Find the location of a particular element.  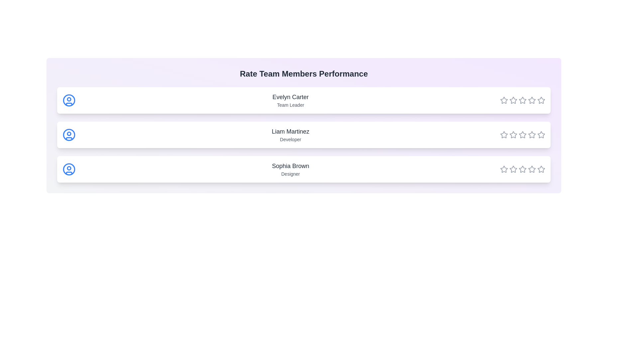

the user icon for Evelyn Carter is located at coordinates (69, 100).